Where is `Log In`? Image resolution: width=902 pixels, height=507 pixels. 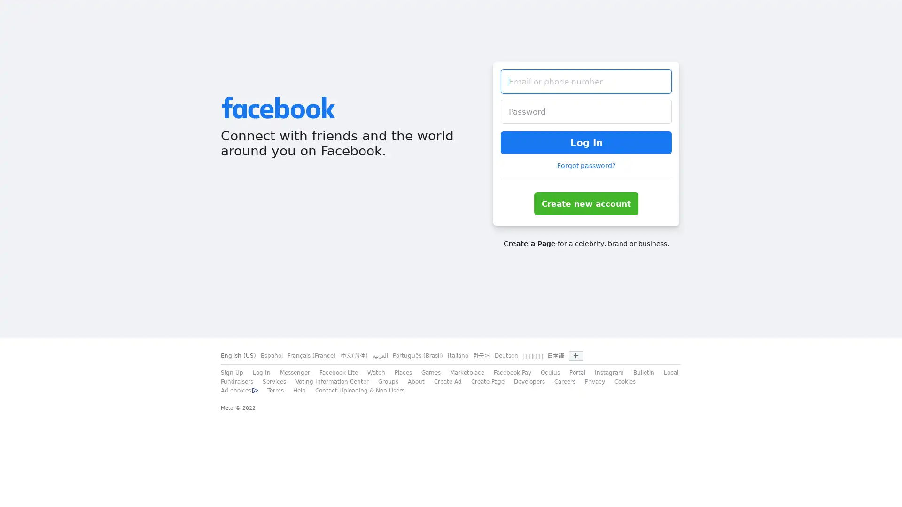 Log In is located at coordinates (586, 143).